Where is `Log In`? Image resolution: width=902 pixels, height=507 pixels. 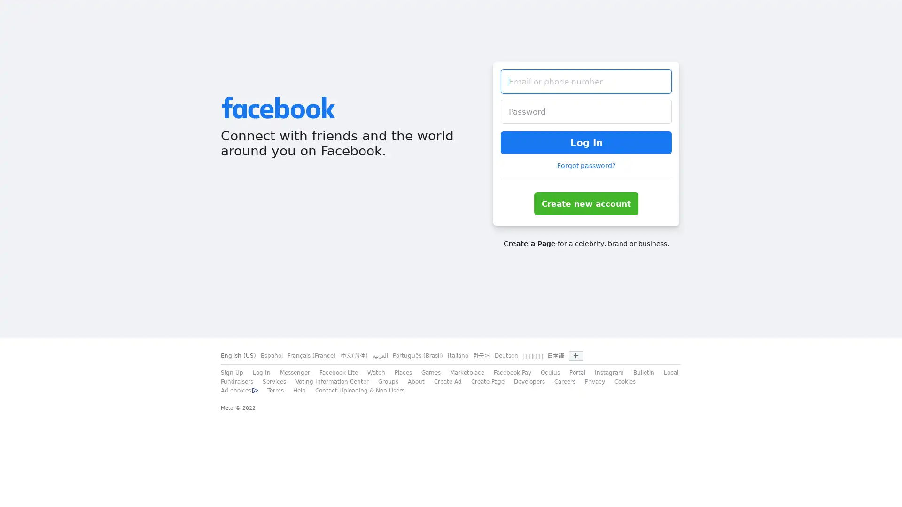 Log In is located at coordinates (586, 143).